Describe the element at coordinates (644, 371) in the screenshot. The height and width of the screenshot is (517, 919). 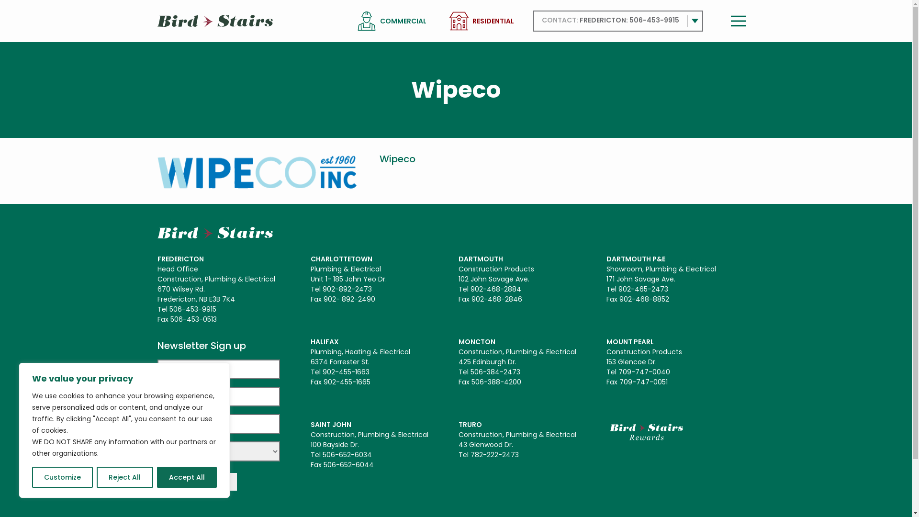
I see `'709-747-0040'` at that location.